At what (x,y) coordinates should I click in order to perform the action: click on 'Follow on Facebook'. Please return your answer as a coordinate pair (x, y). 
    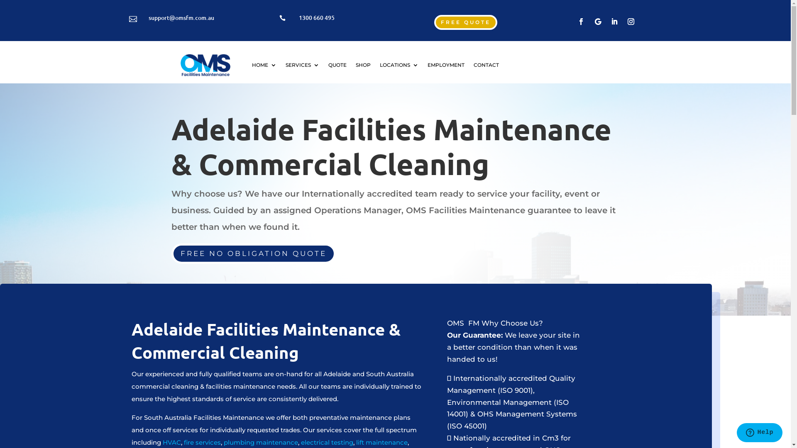
    Looking at the image, I should click on (581, 21).